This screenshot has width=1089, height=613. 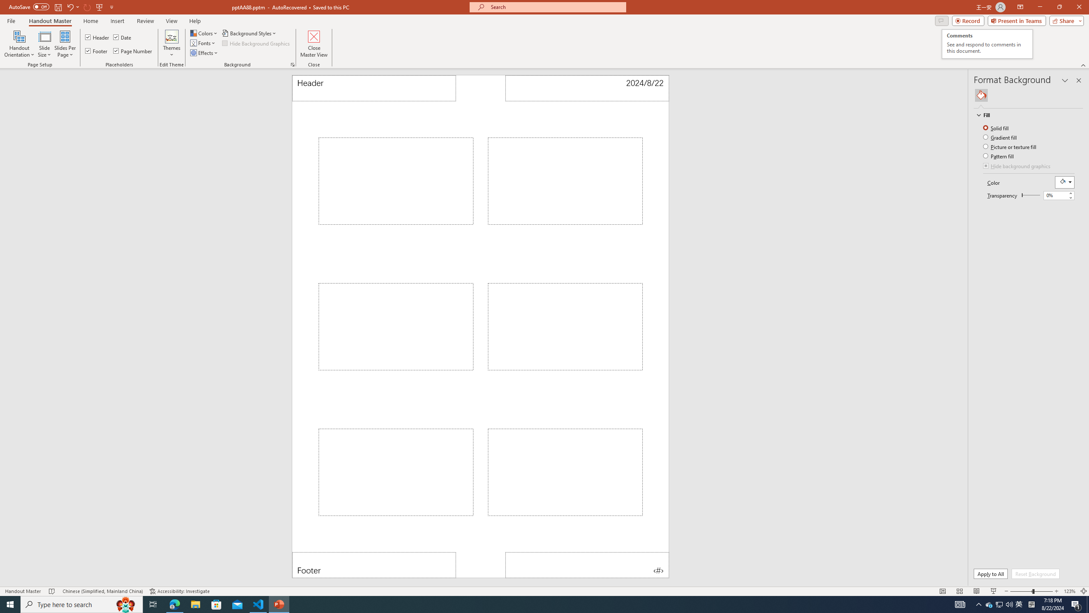 I want to click on 'Zoom 123%', so click(x=1070, y=591).